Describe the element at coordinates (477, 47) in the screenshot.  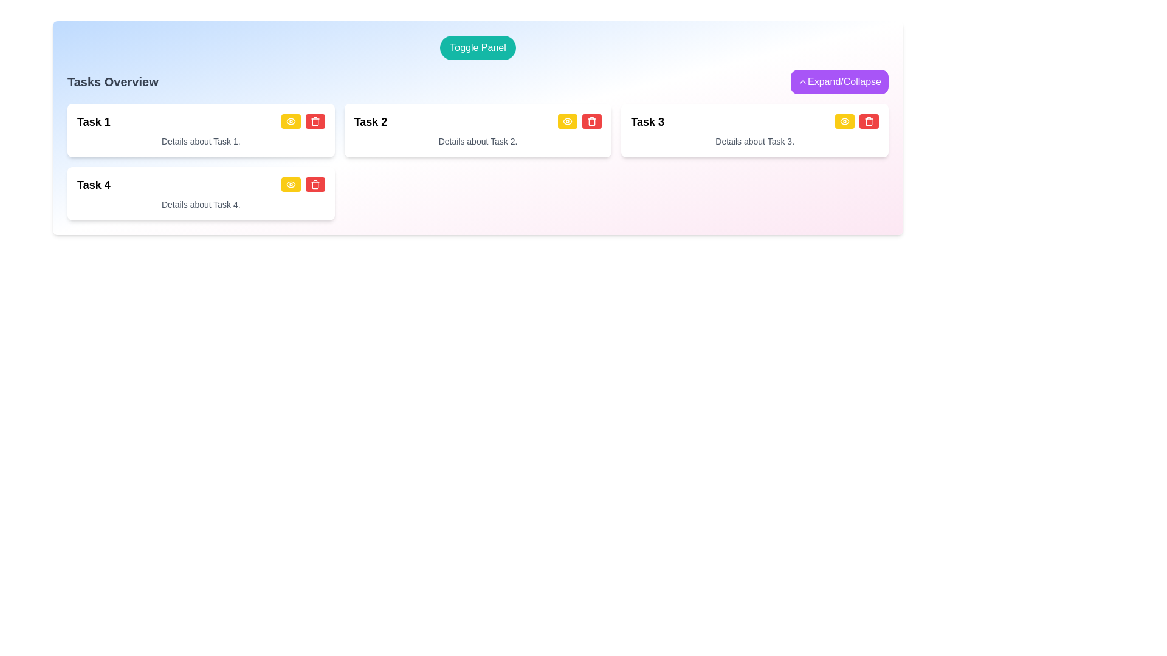
I see `the button that toggles the visibility of a panel, positioned above the 'Tasks Overview' section, to change its background color` at that location.